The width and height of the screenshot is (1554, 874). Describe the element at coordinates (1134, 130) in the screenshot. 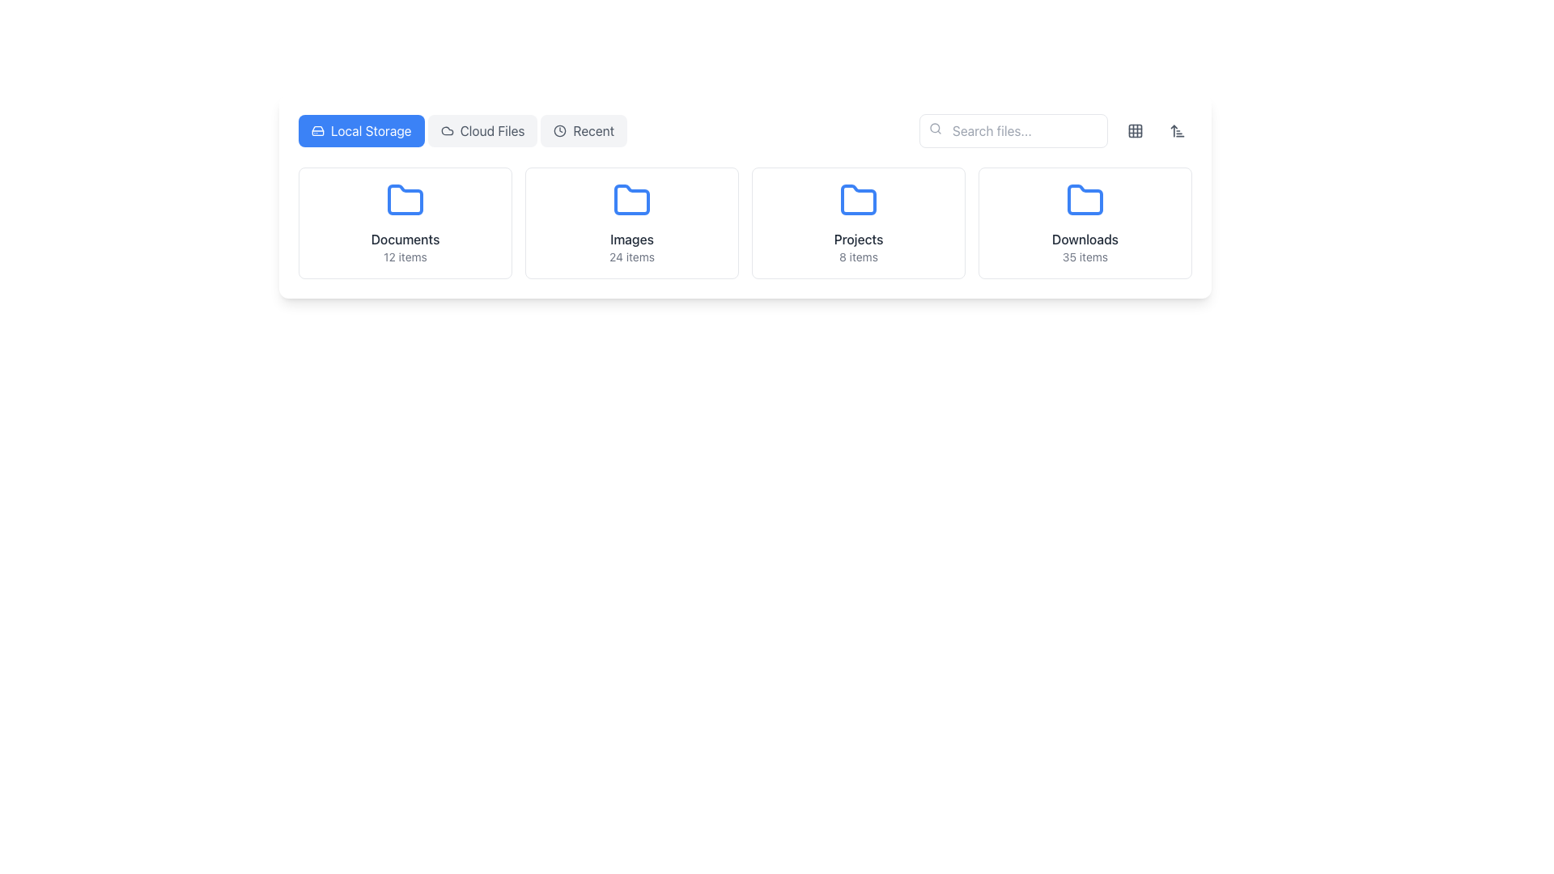

I see `the button in the top-right corner of the interface` at that location.